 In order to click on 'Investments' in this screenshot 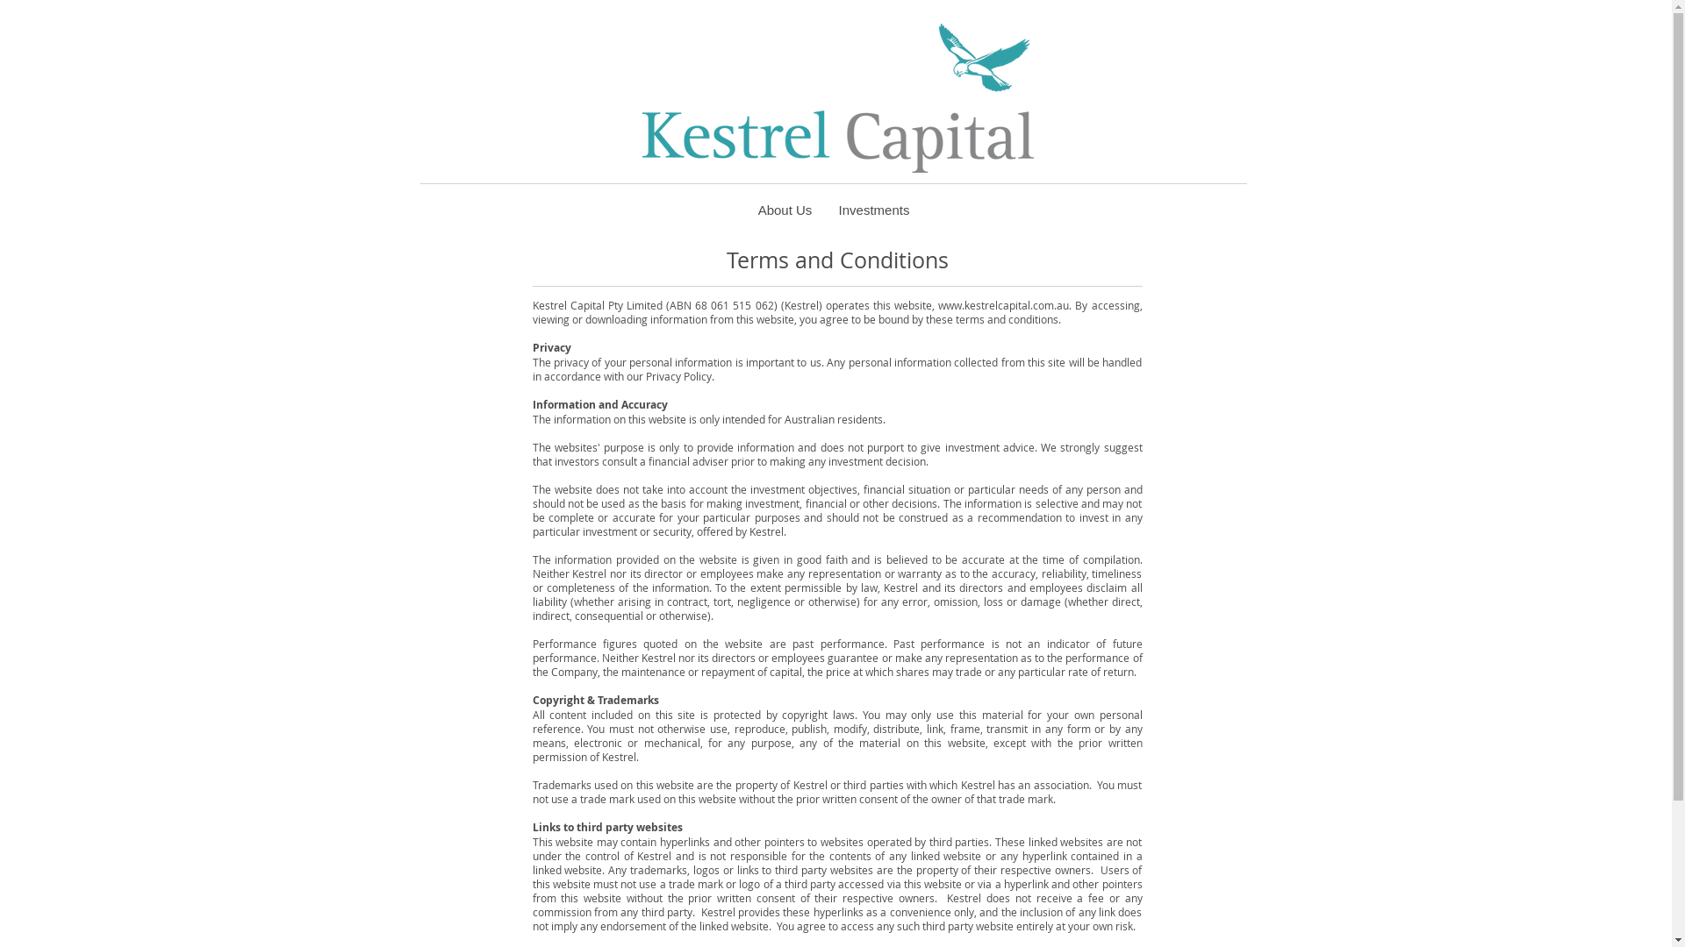, I will do `click(873, 209)`.